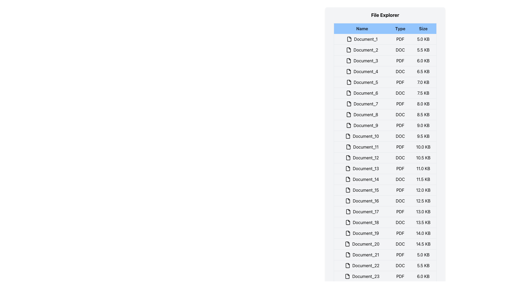 This screenshot has width=505, height=284. I want to click on the second row in the File Explorer interface that displays the details of the file named 'Document_2', so click(385, 50).